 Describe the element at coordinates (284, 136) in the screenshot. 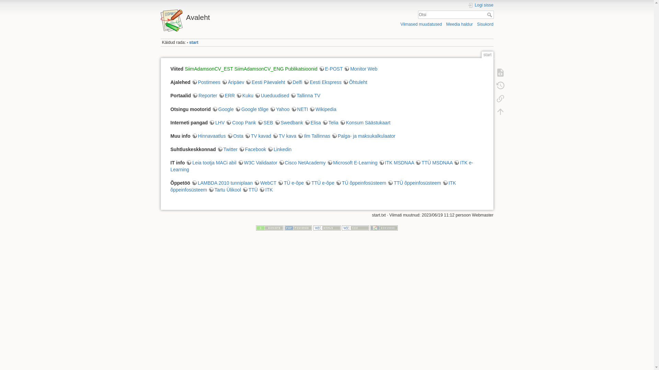

I see `'TV kava'` at that location.